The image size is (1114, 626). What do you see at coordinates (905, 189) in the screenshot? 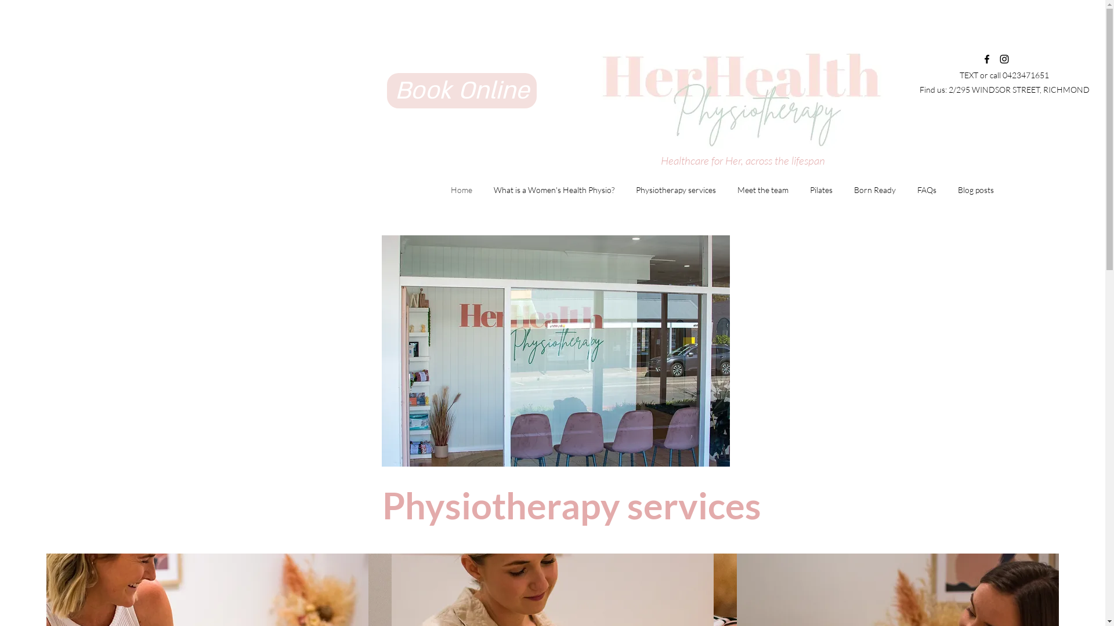
I see `'FAQs'` at bounding box center [905, 189].